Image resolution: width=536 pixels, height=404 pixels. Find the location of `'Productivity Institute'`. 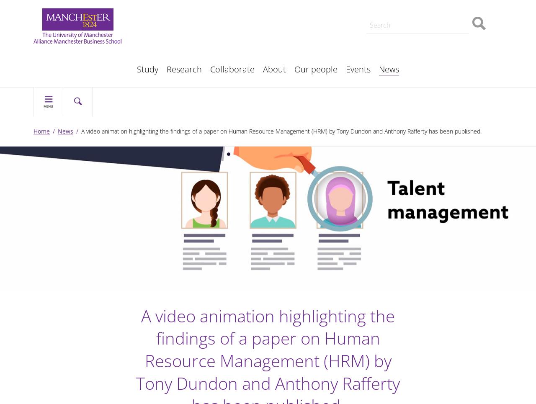

'Productivity Institute' is located at coordinates (188, 65).